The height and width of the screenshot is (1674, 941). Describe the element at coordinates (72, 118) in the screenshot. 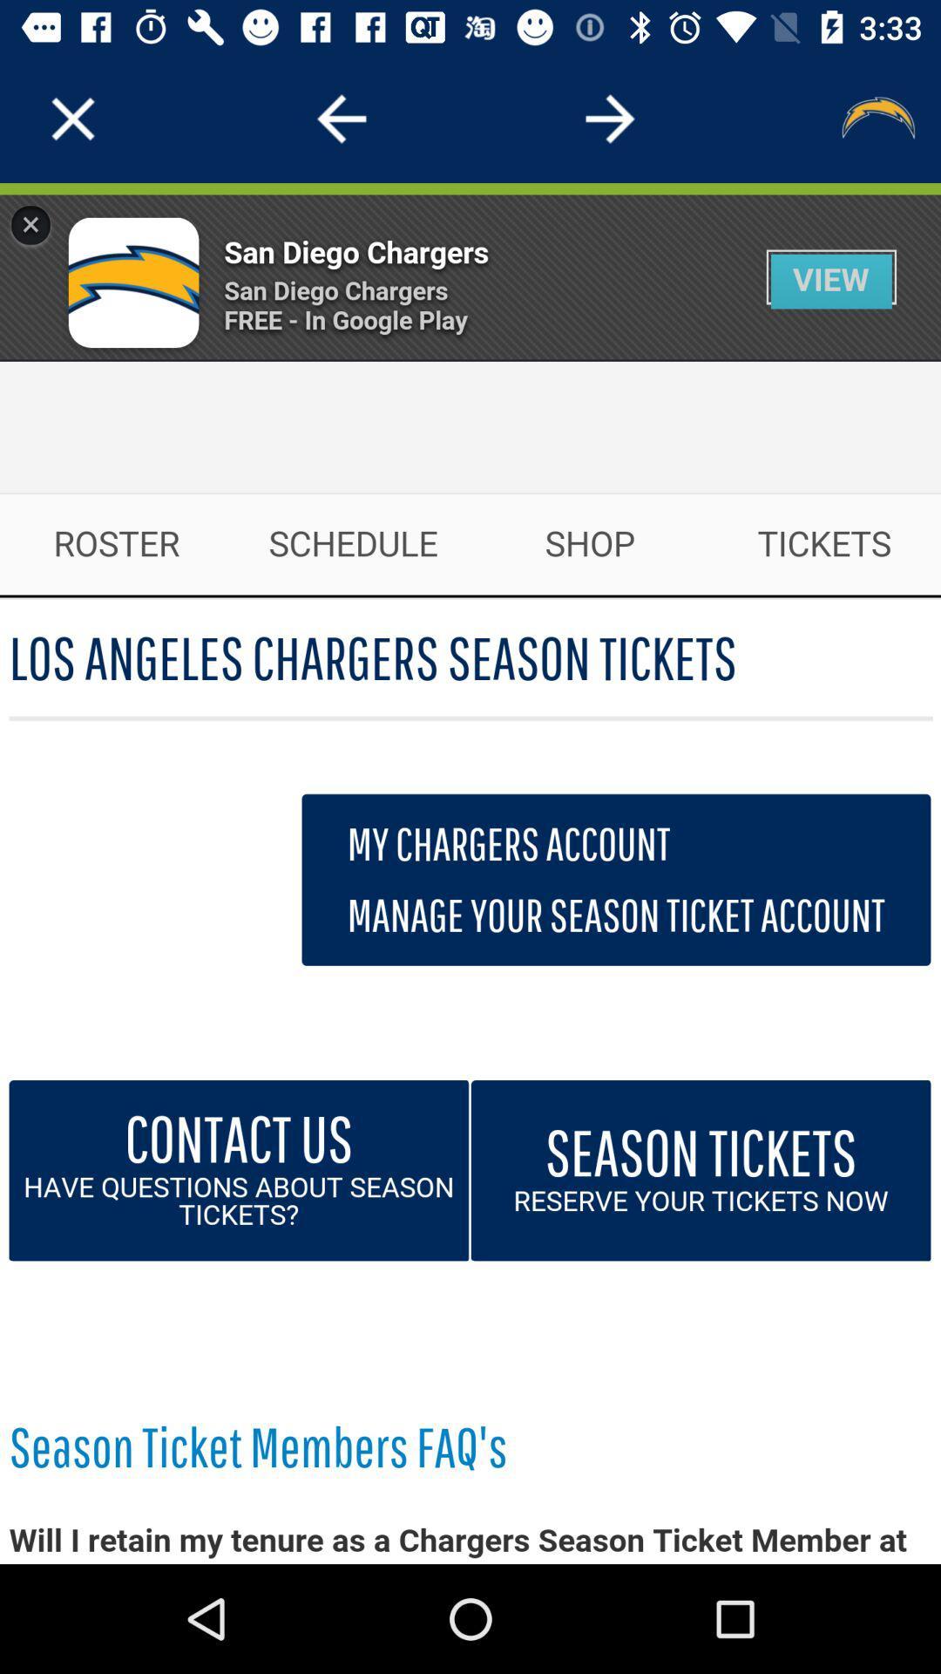

I see `the icon at the top left corner` at that location.